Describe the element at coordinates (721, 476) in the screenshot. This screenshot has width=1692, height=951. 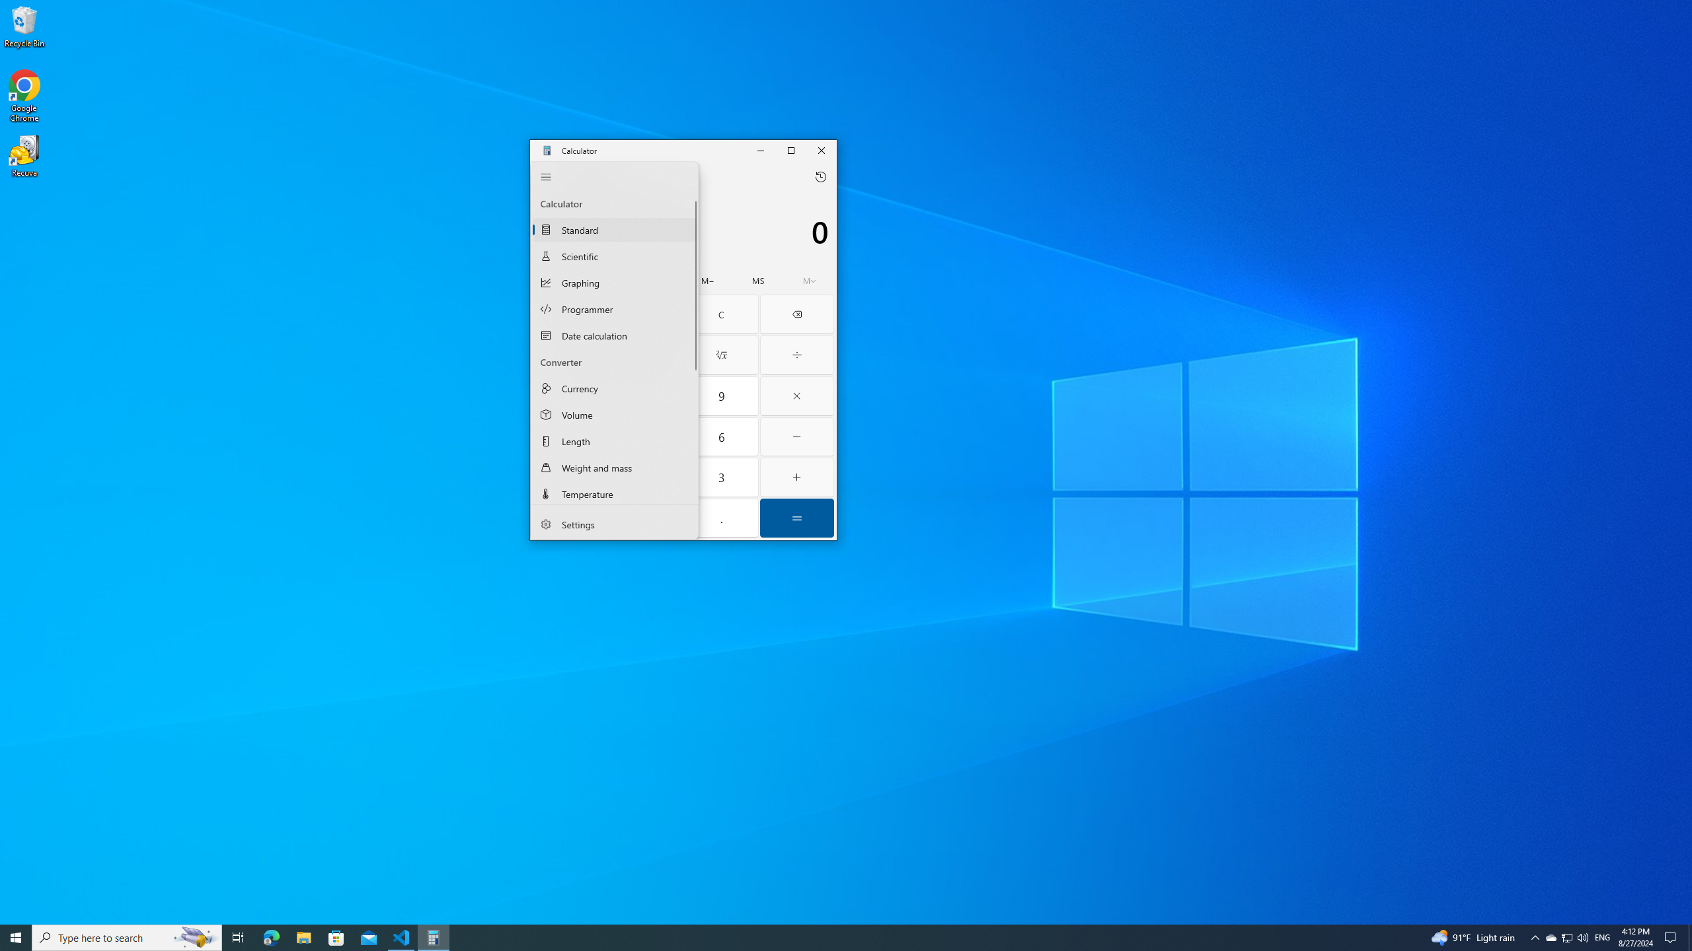
I see `'Three'` at that location.